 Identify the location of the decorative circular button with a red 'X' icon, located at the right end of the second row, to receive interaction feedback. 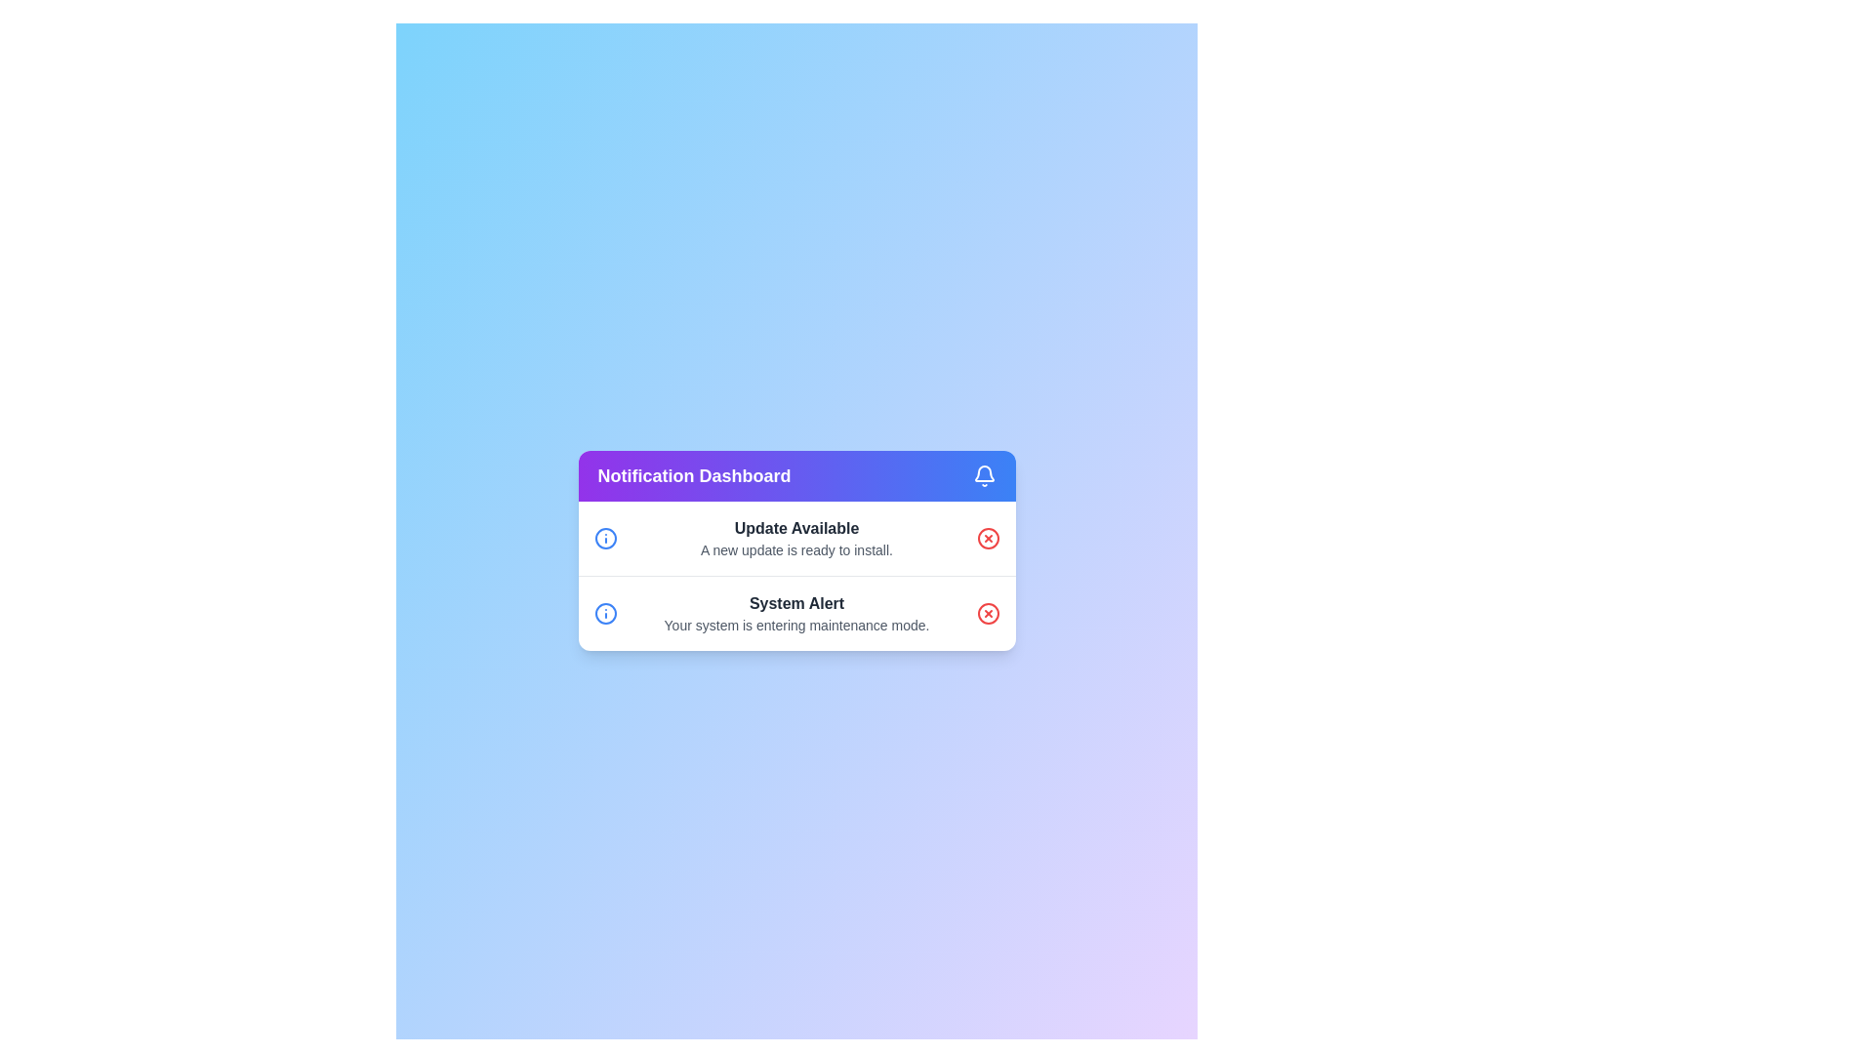
(988, 612).